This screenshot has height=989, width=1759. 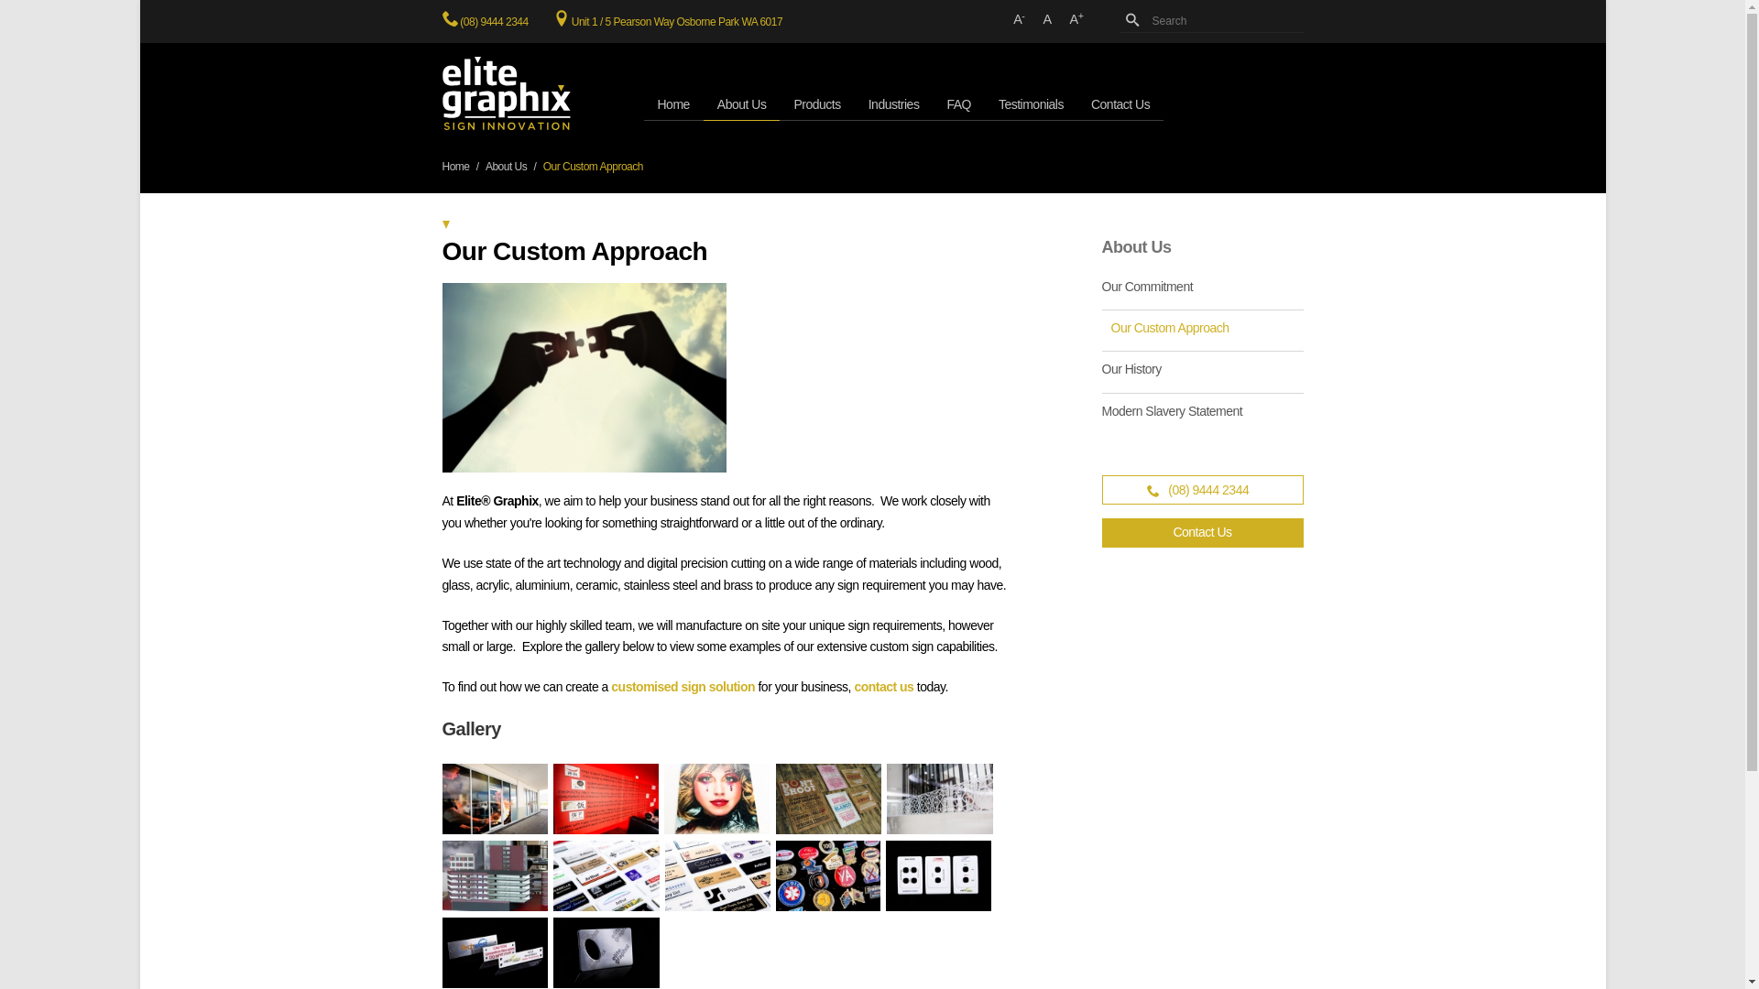 I want to click on 'customised sign solution', so click(x=611, y=687).